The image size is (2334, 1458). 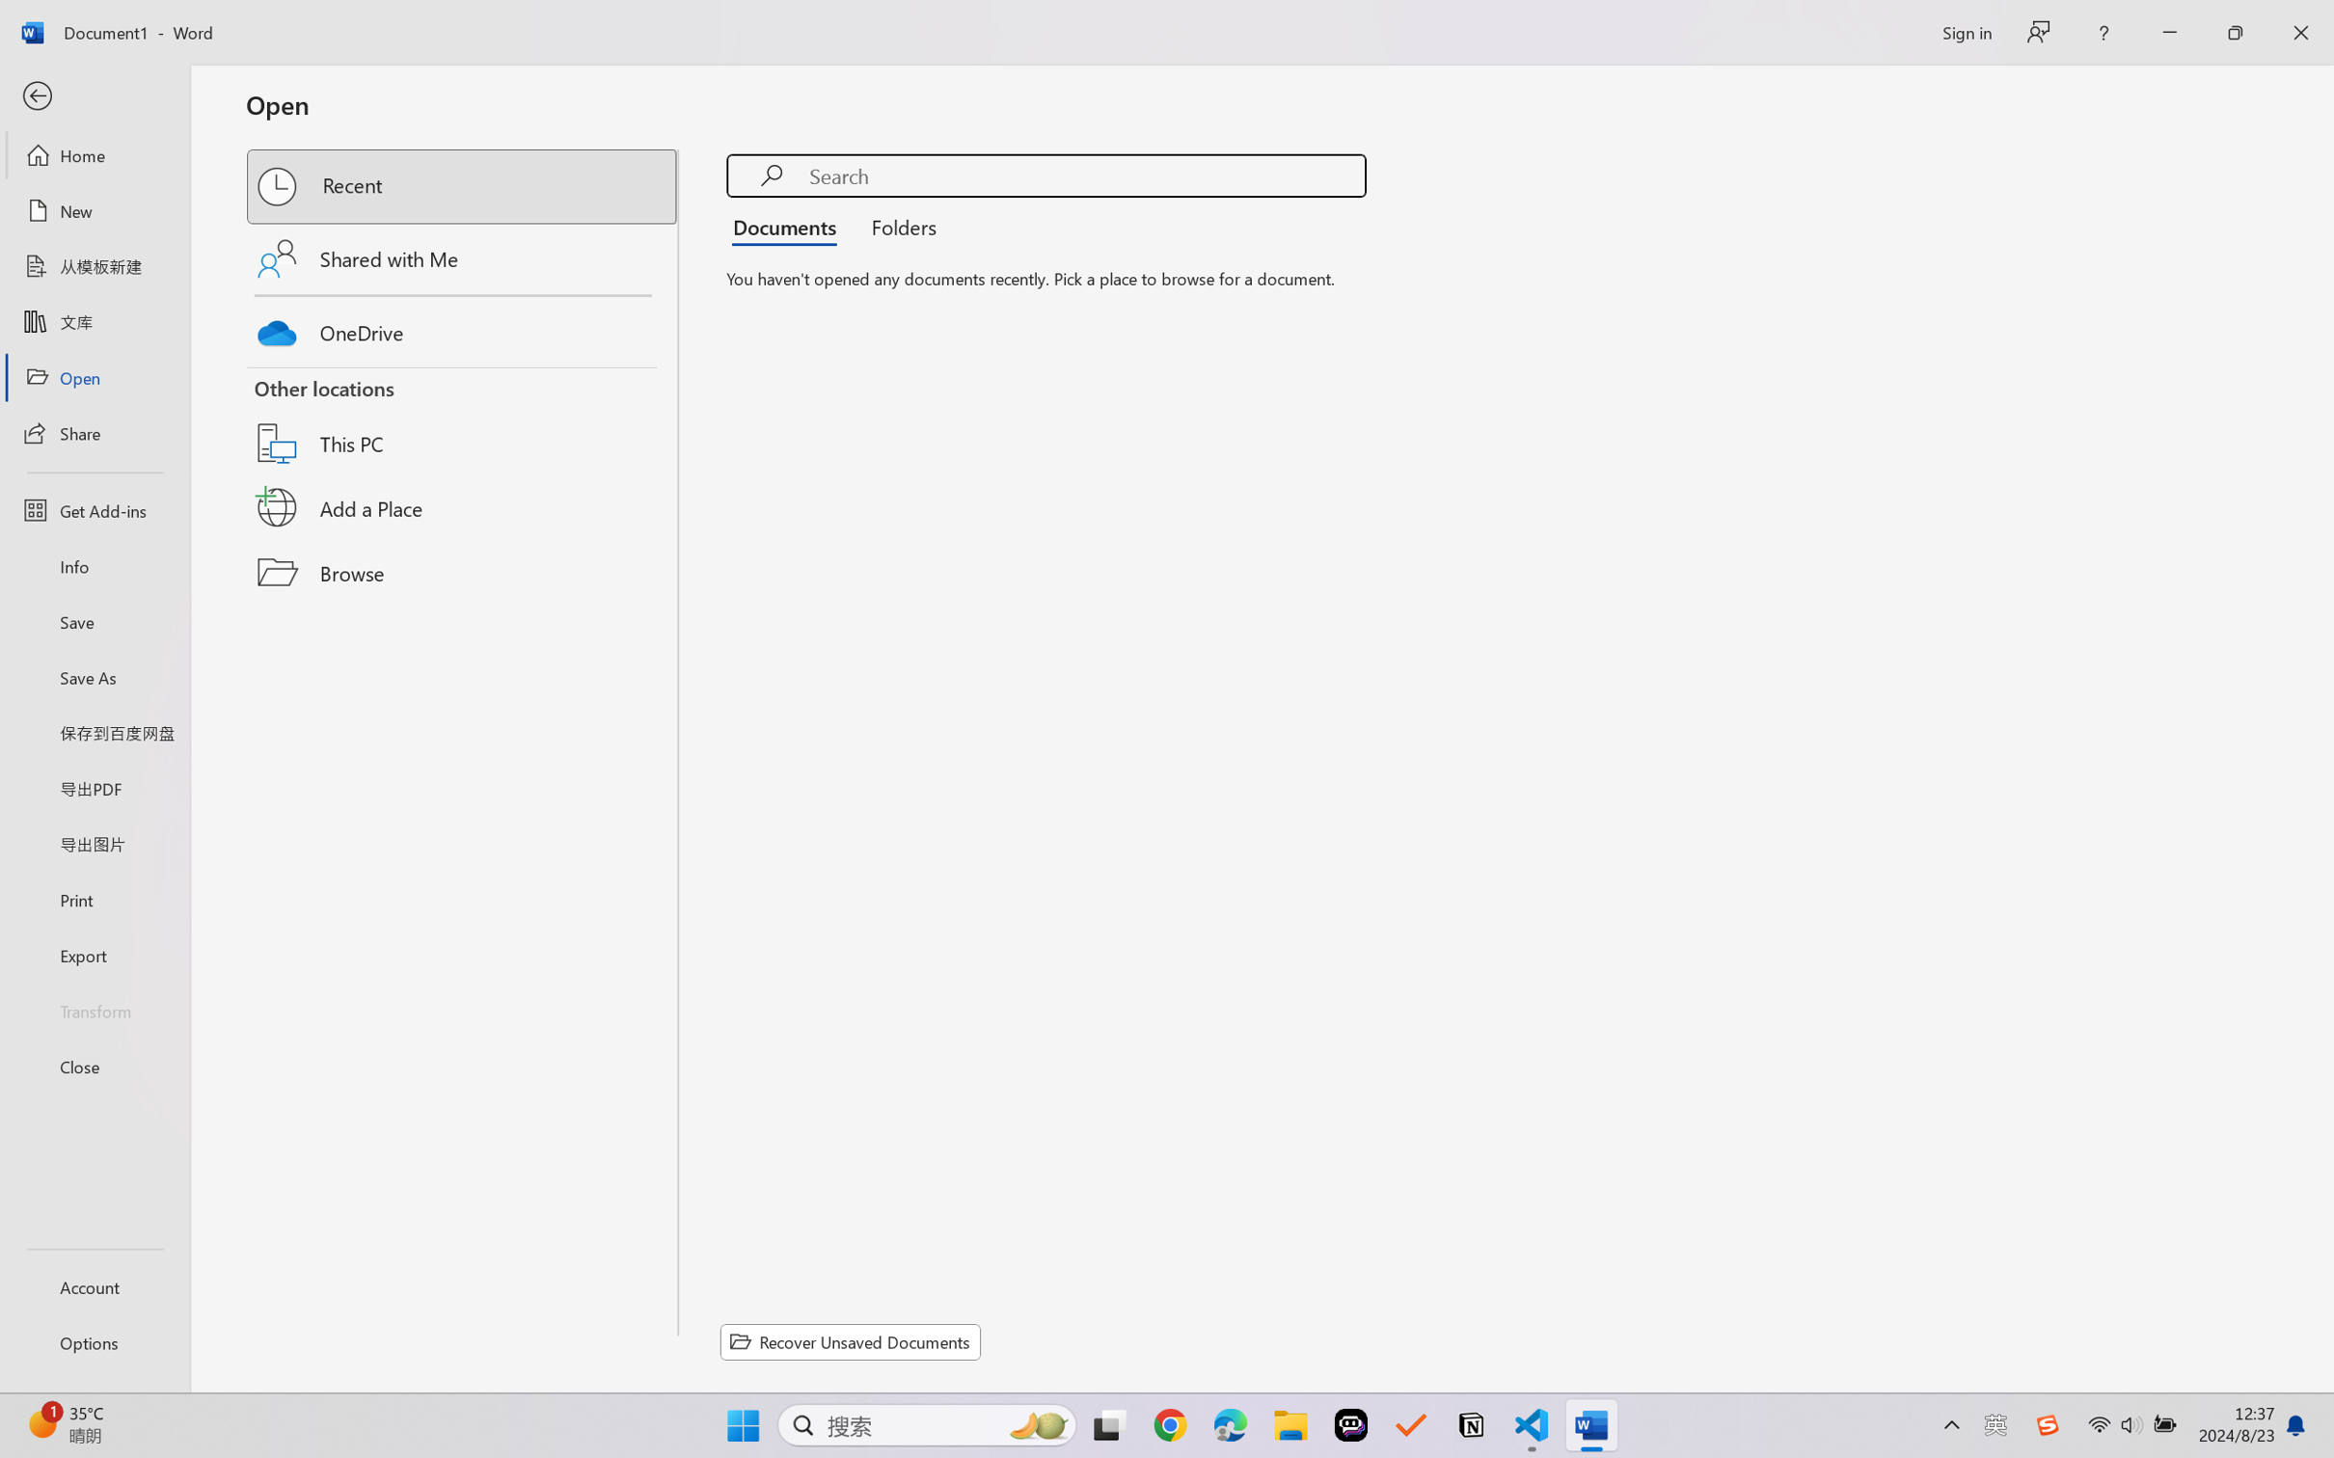 I want to click on 'Recent', so click(x=463, y=185).